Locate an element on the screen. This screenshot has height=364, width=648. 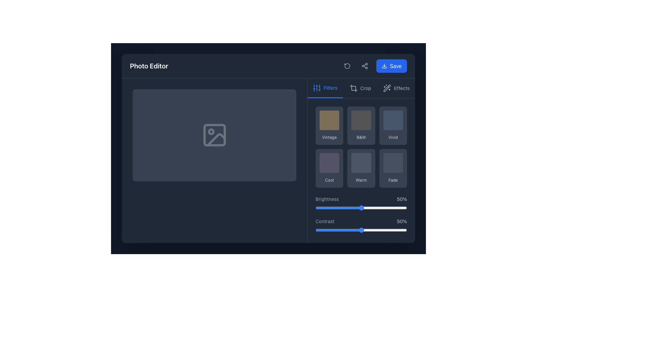
the 'Warm' filter tile, which is a rounded square tile with a dark gray background located in the middle of the bottom row of a 3x2 grid under the 'Filters' tab is located at coordinates (361, 170).